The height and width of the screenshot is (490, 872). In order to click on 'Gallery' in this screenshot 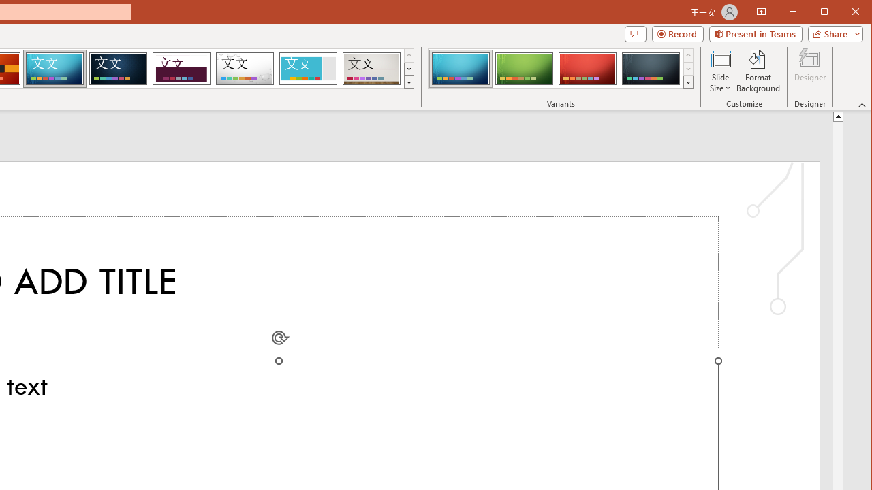, I will do `click(371, 68)`.